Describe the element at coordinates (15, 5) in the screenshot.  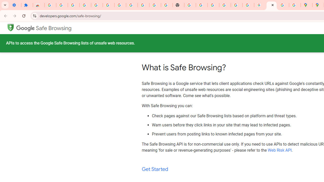
I see `'Settings - On startup'` at that location.